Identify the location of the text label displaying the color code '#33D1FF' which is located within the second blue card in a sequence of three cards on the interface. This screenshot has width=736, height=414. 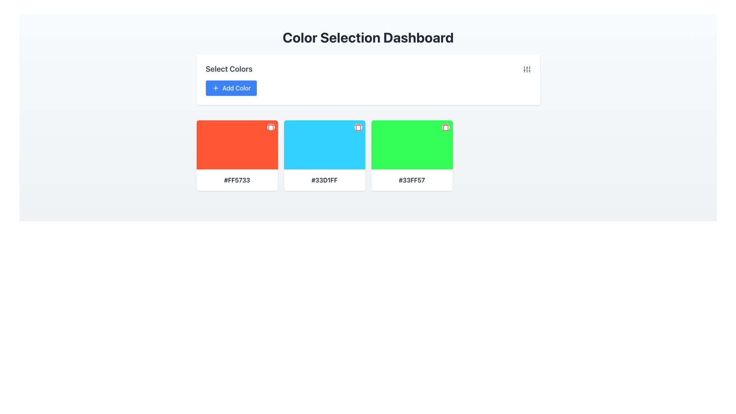
(324, 180).